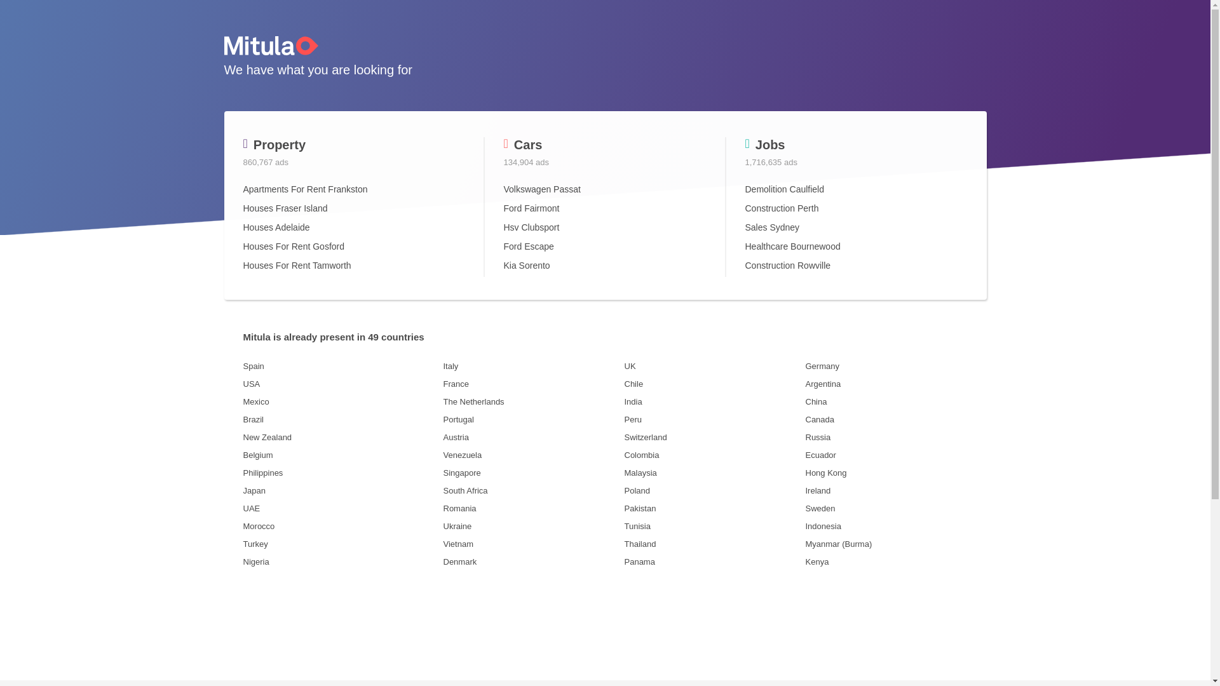 The image size is (1220, 686). What do you see at coordinates (624, 508) in the screenshot?
I see `'Pakistan'` at bounding box center [624, 508].